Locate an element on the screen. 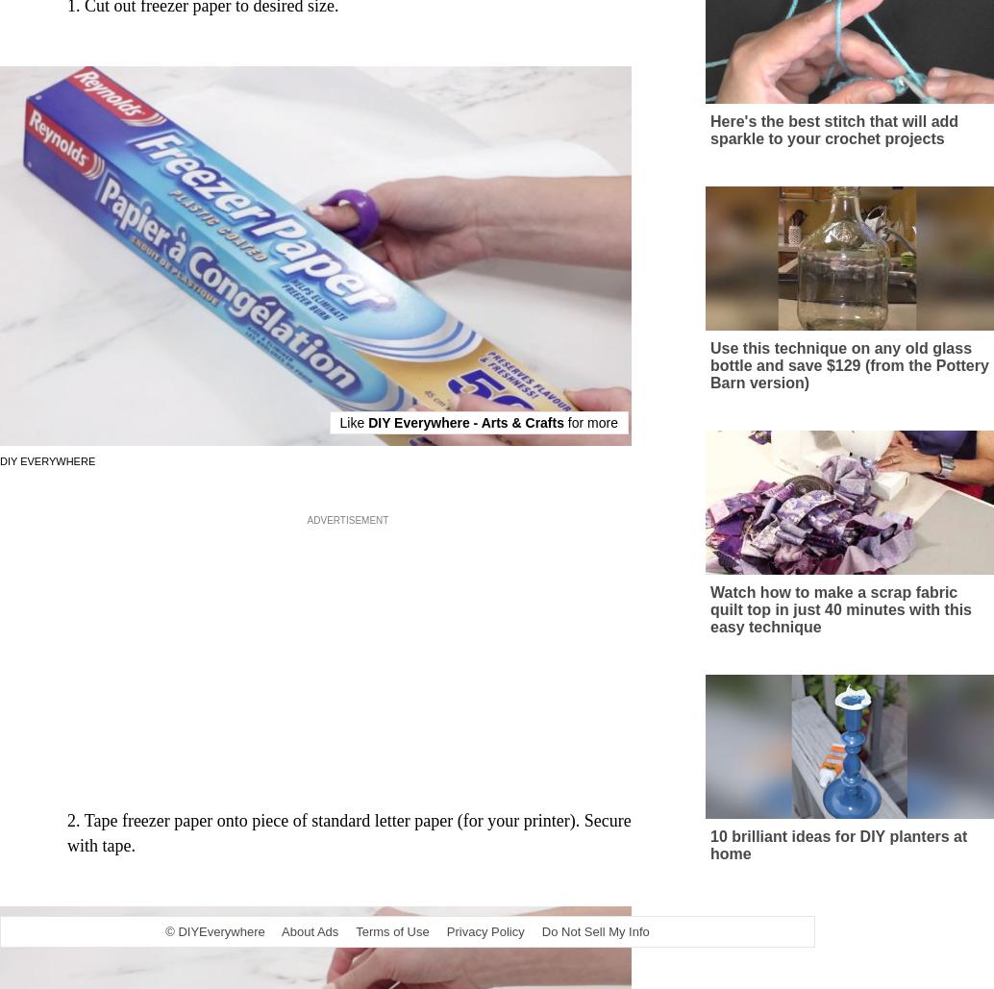  'DIY Everywhere - Arts & Crafts' is located at coordinates (464, 440).